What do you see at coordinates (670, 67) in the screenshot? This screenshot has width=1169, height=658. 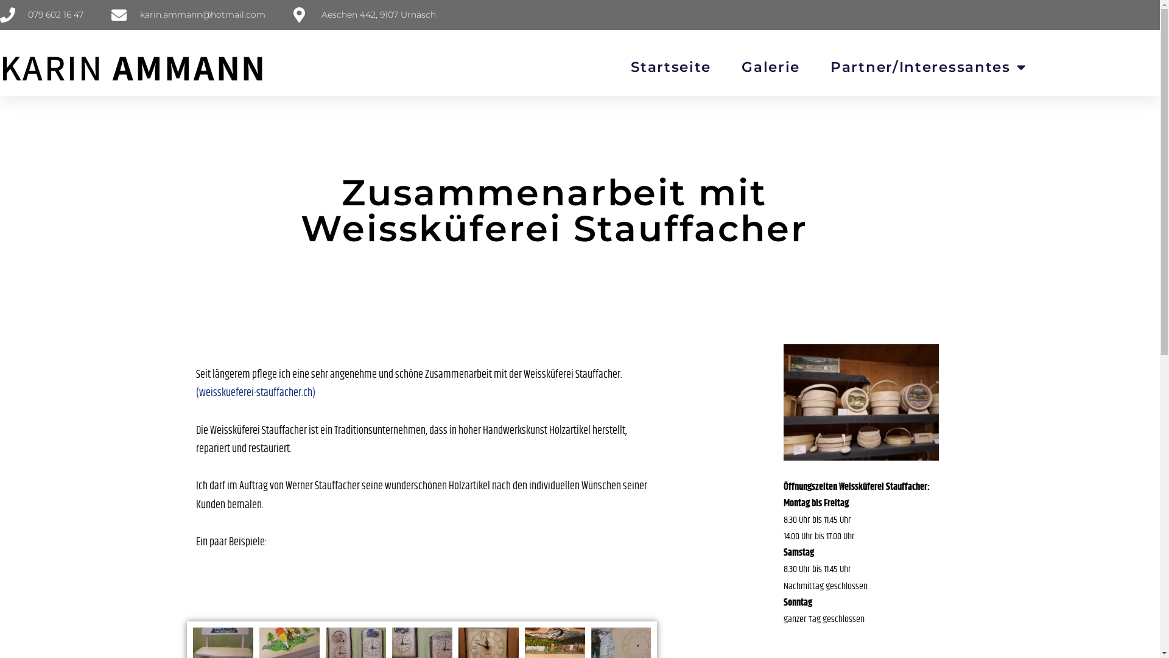 I see `'Startseite'` at bounding box center [670, 67].